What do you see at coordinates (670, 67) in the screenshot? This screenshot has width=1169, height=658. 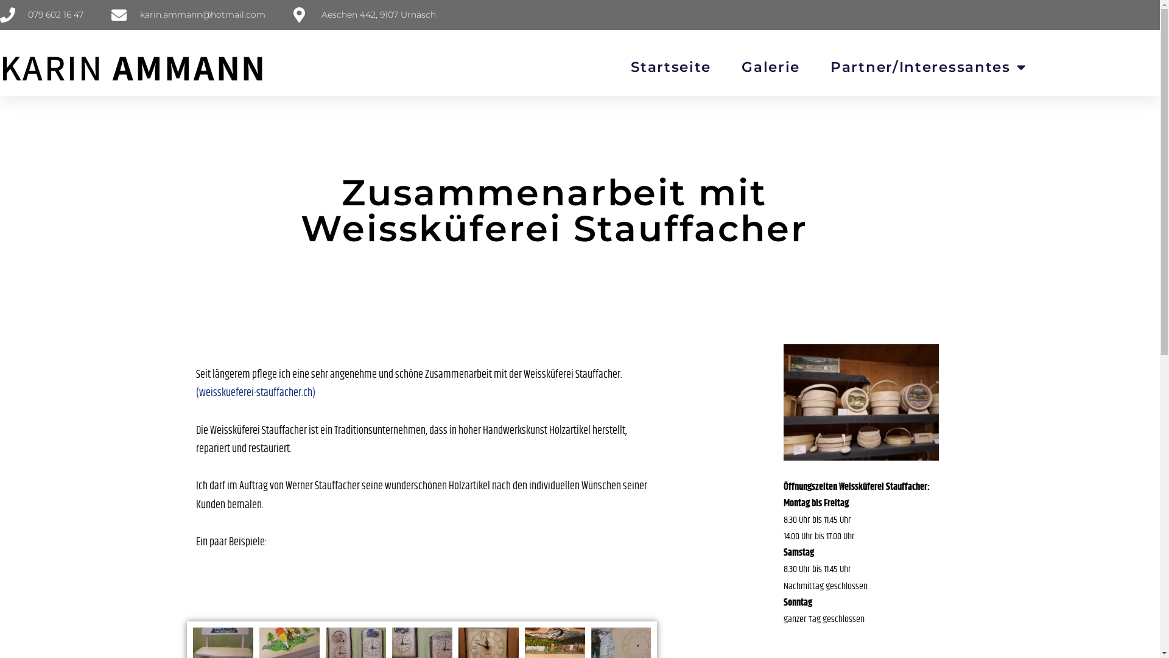 I see `'Startseite'` at bounding box center [670, 67].